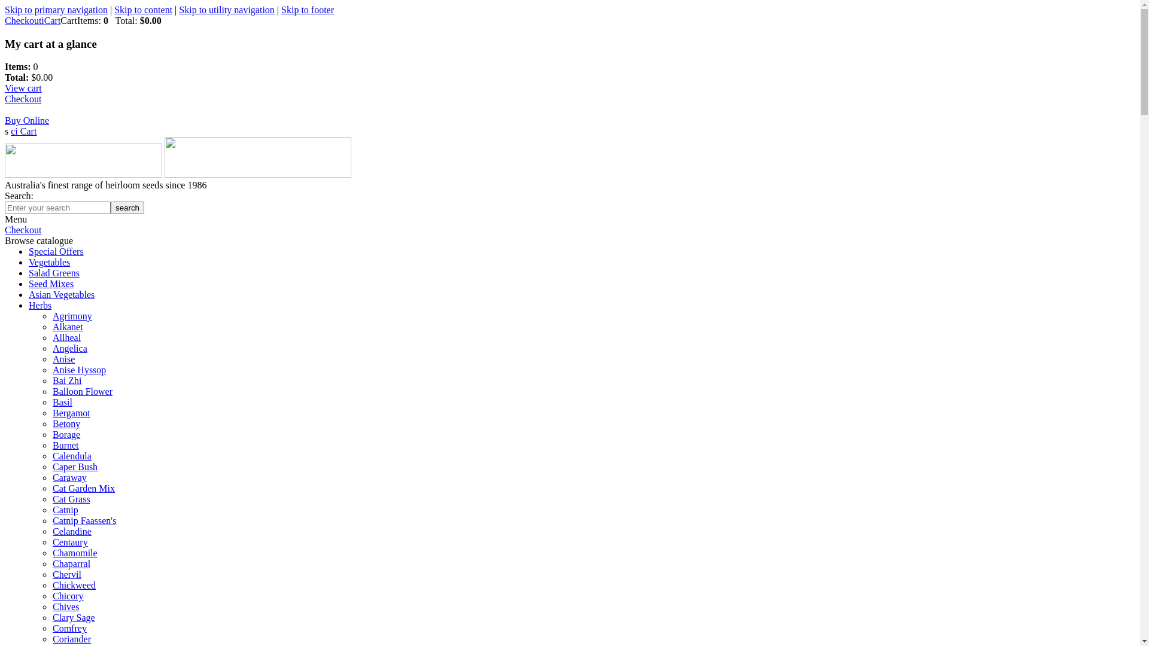 Image resolution: width=1149 pixels, height=646 pixels. I want to click on 'Skip to primary navigation', so click(56, 10).